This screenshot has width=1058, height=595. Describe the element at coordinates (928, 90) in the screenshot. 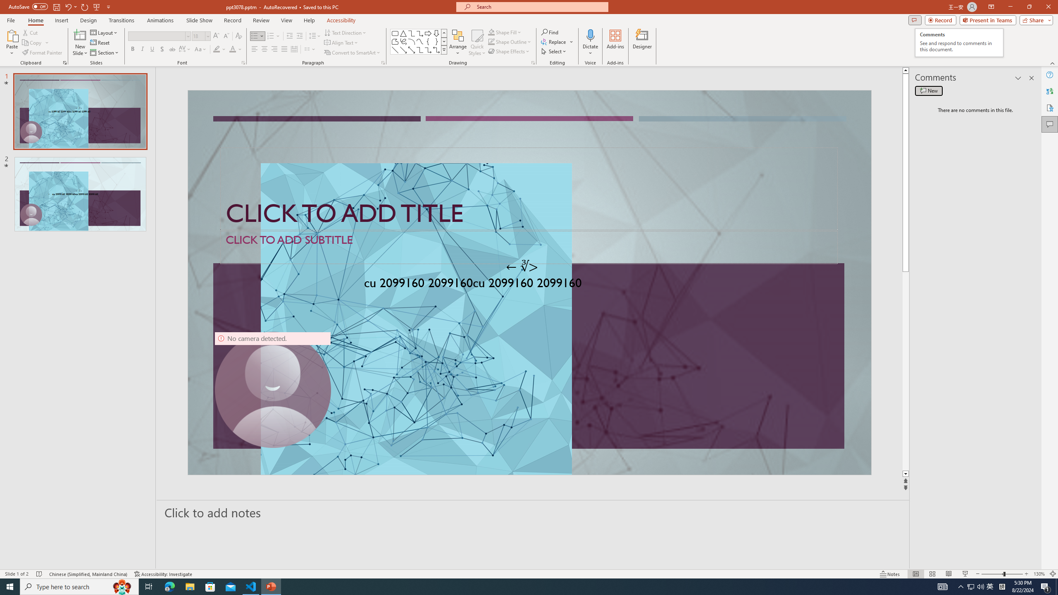

I see `'New comment'` at that location.